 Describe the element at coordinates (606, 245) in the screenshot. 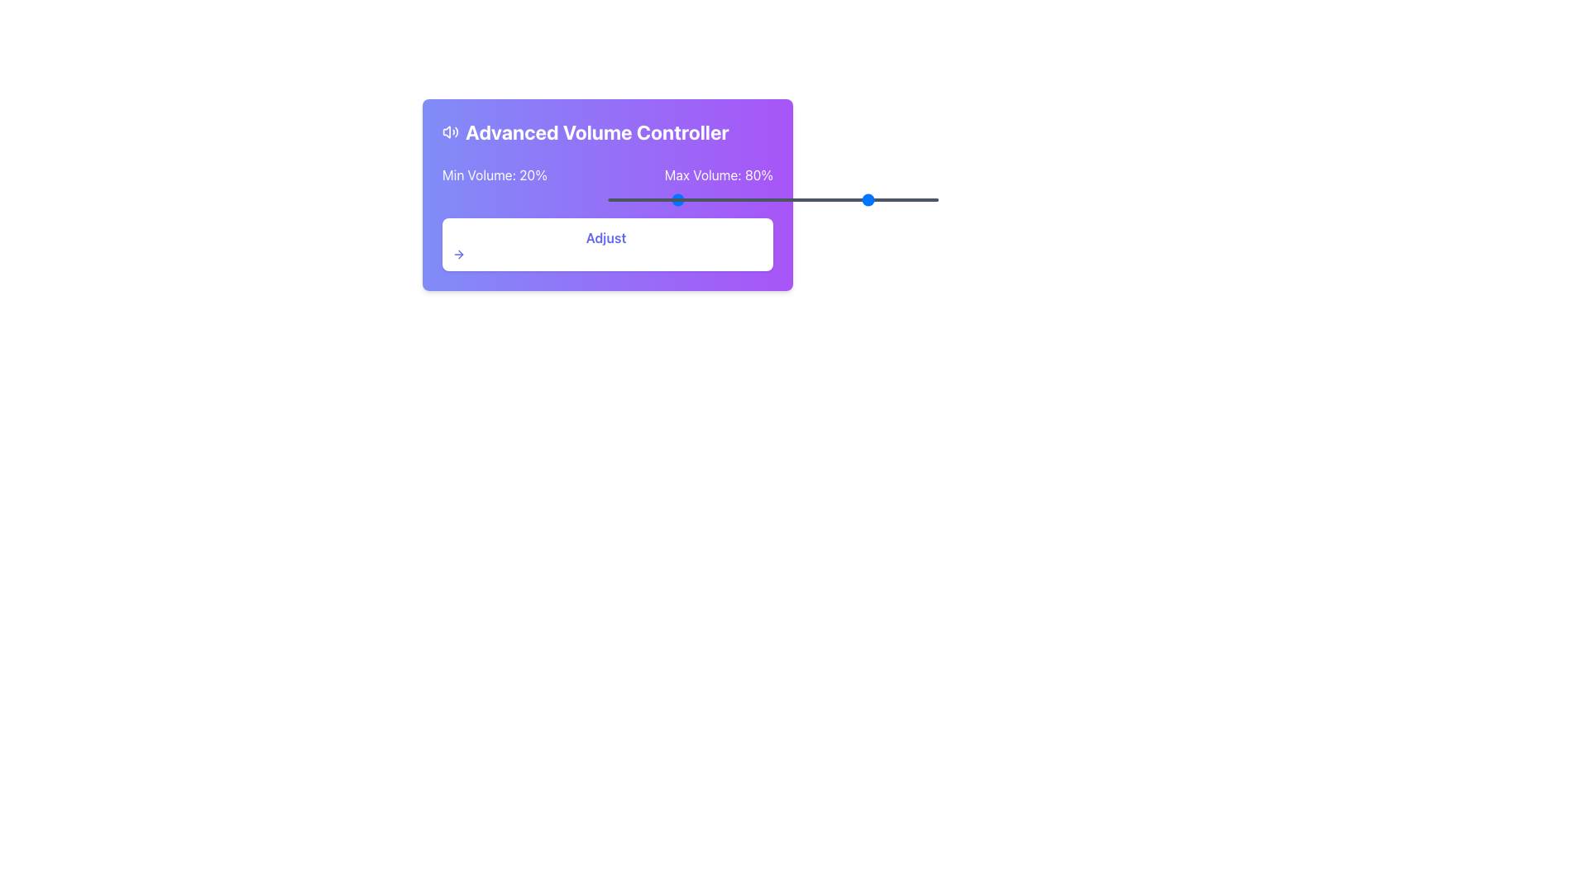

I see `the 'Adjust' button located within the 'Advanced Volume Controller'` at that location.